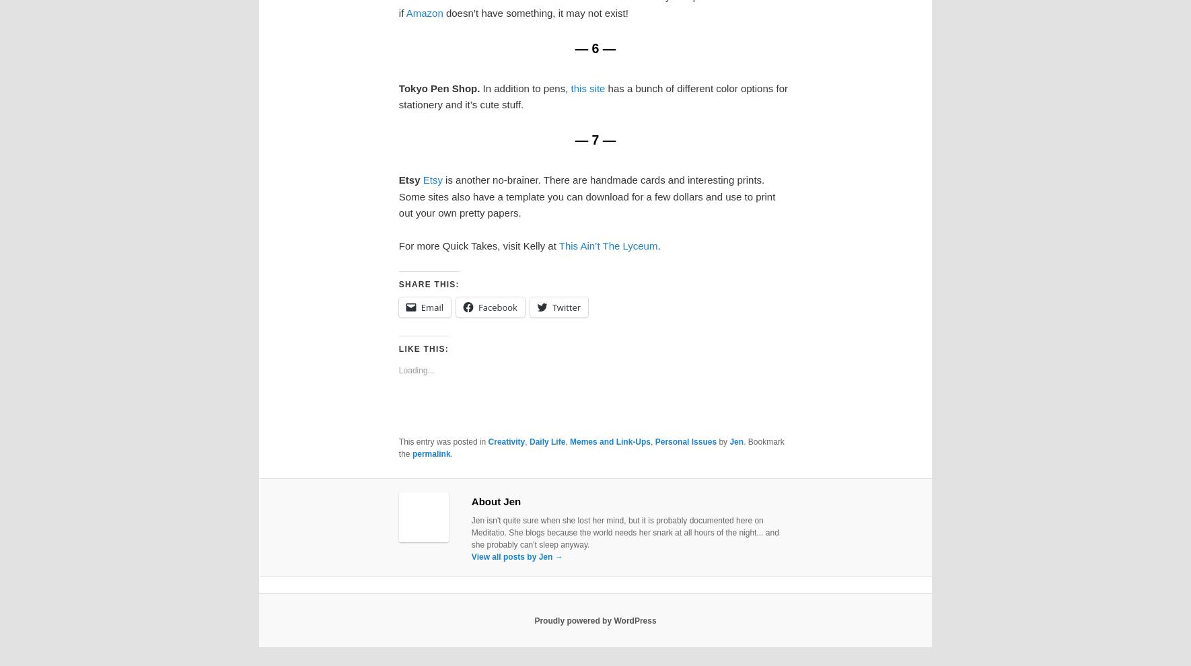 This screenshot has height=666, width=1191. Describe the element at coordinates (552, 307) in the screenshot. I see `'Twitter'` at that location.